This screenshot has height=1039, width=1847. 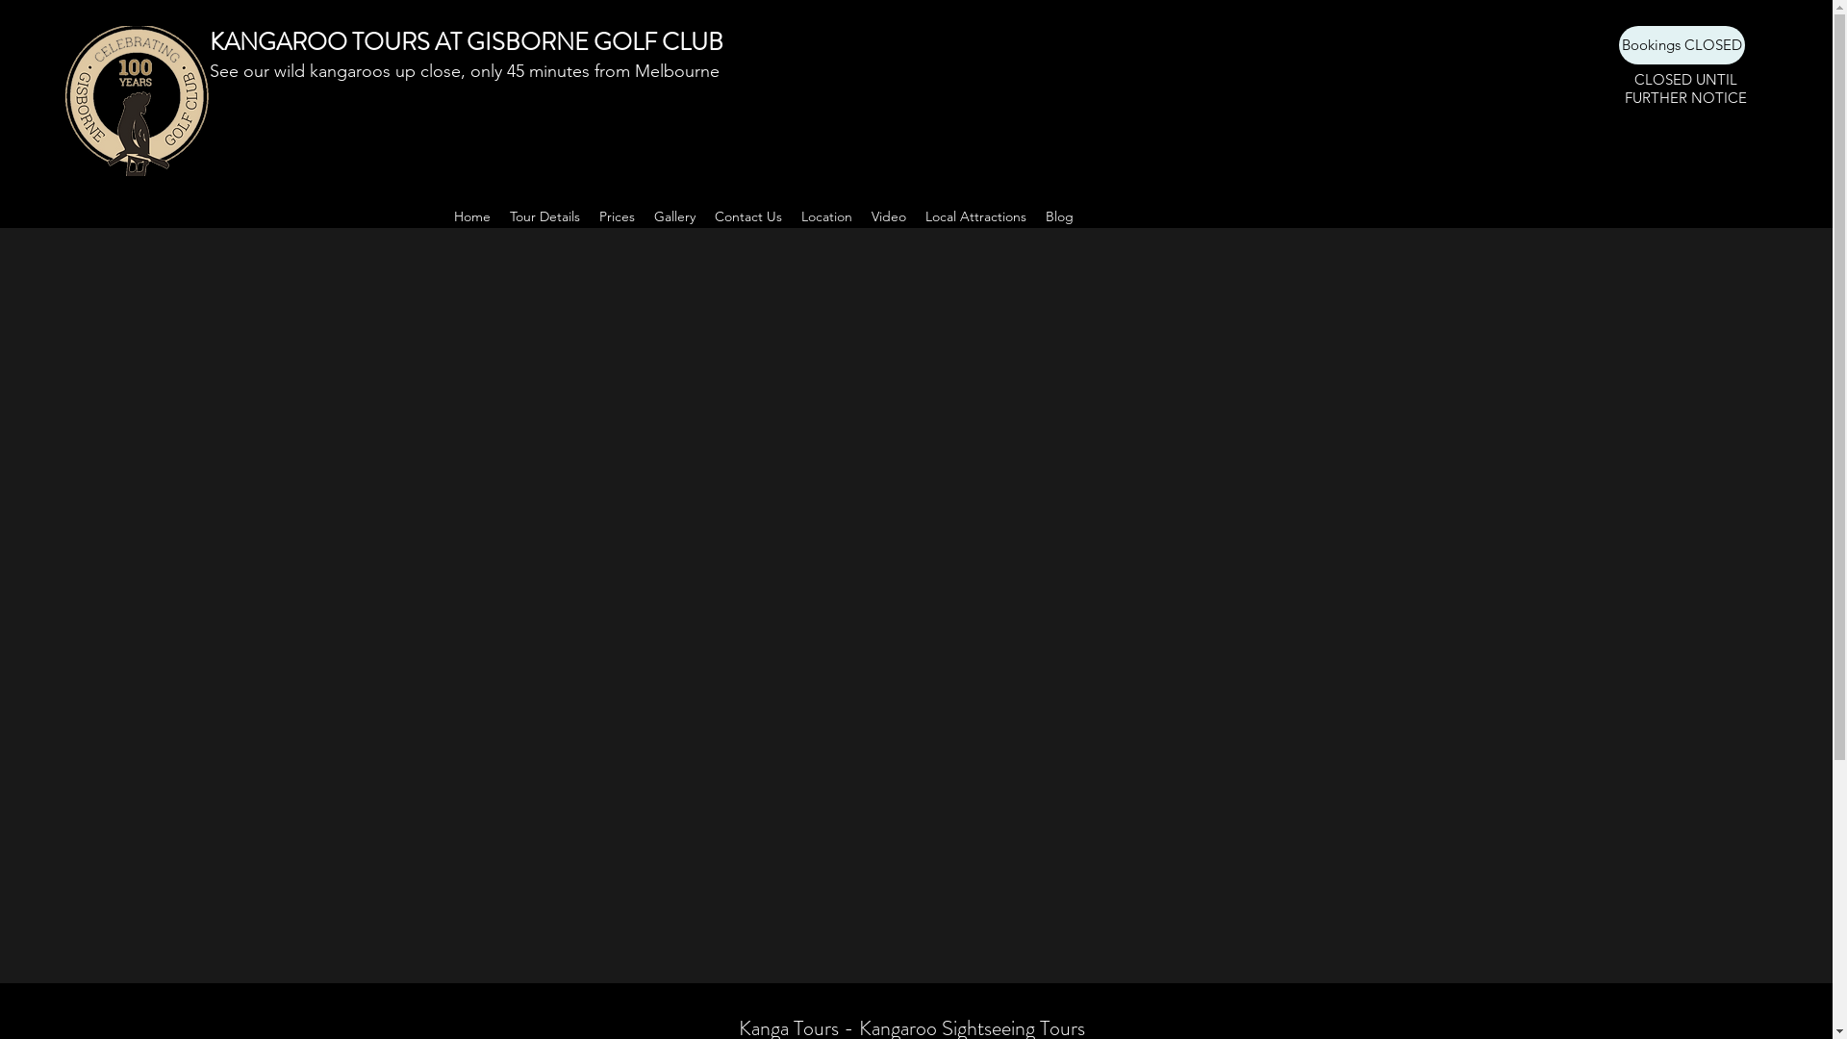 What do you see at coordinates (702, 215) in the screenshot?
I see `'Contact Us'` at bounding box center [702, 215].